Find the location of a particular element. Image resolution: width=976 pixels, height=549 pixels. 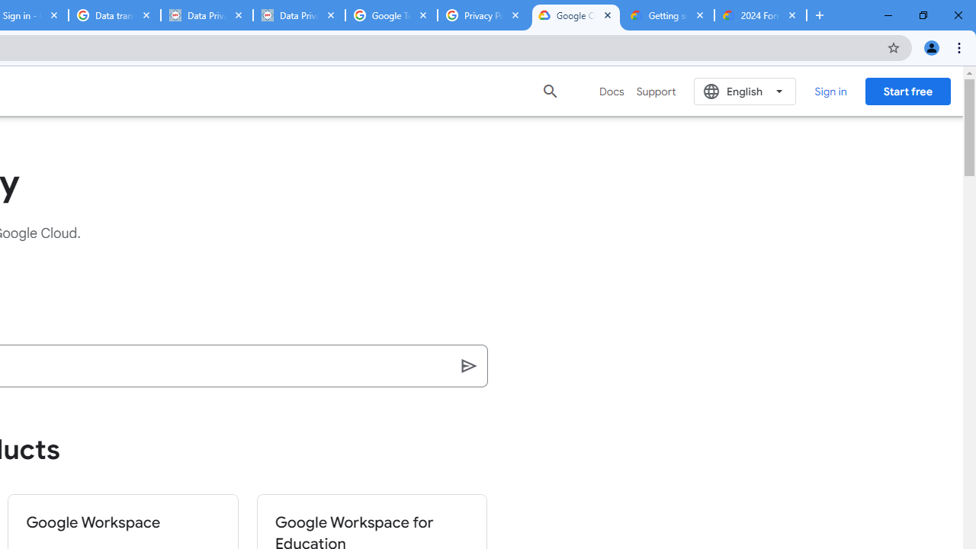

'Minimize' is located at coordinates (888, 15).